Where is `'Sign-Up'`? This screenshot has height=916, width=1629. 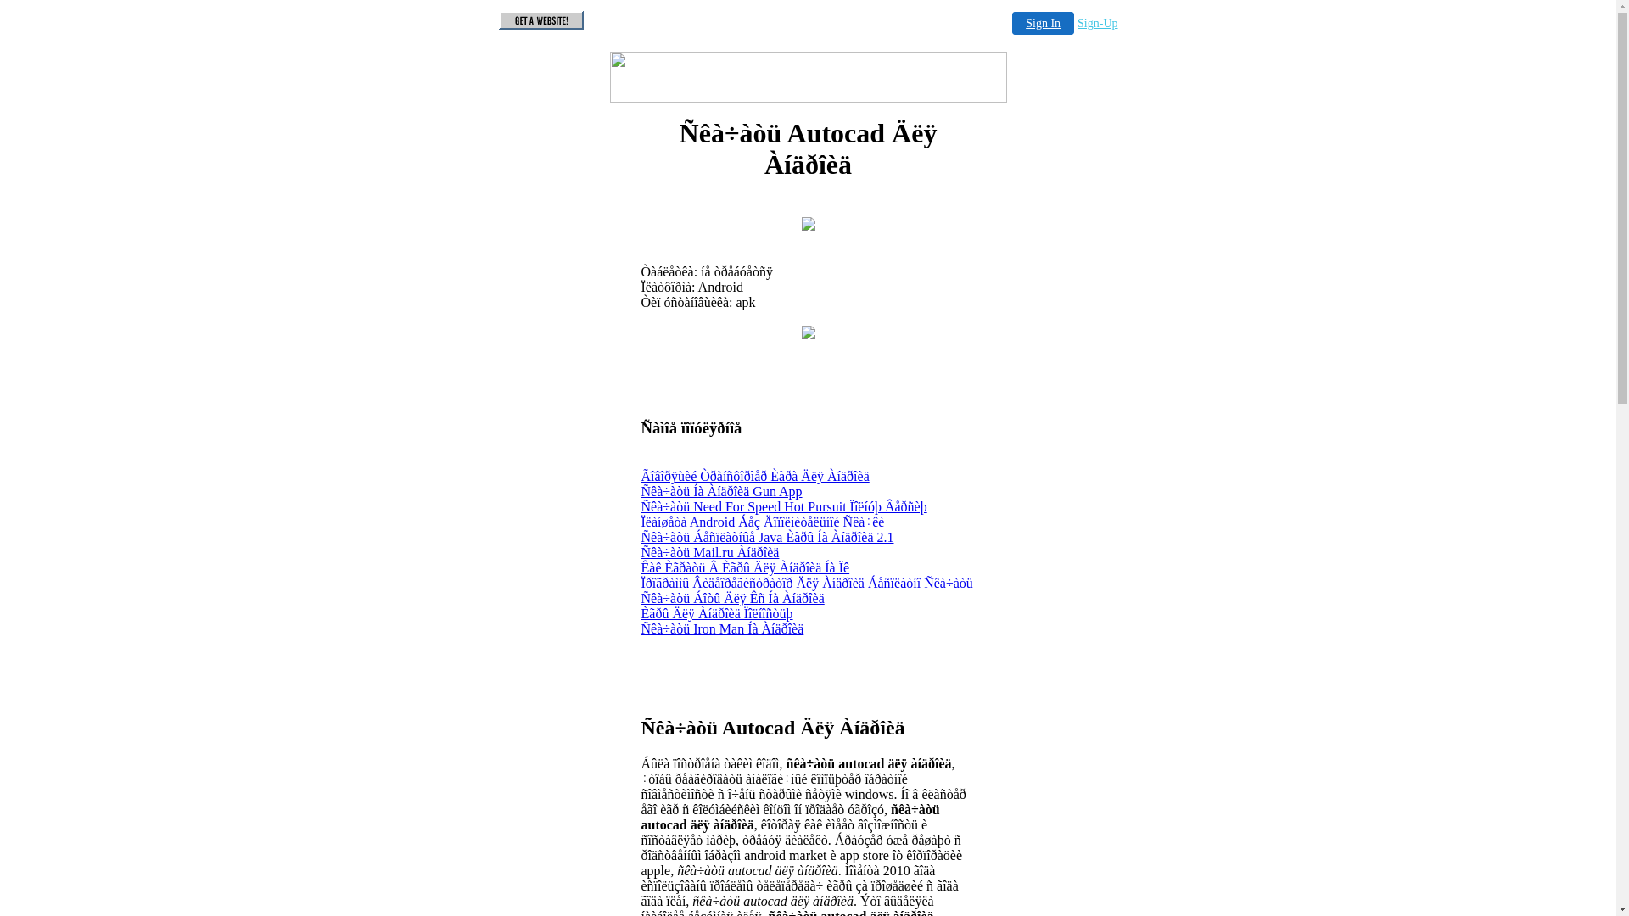
'Sign-Up' is located at coordinates (1097, 23).